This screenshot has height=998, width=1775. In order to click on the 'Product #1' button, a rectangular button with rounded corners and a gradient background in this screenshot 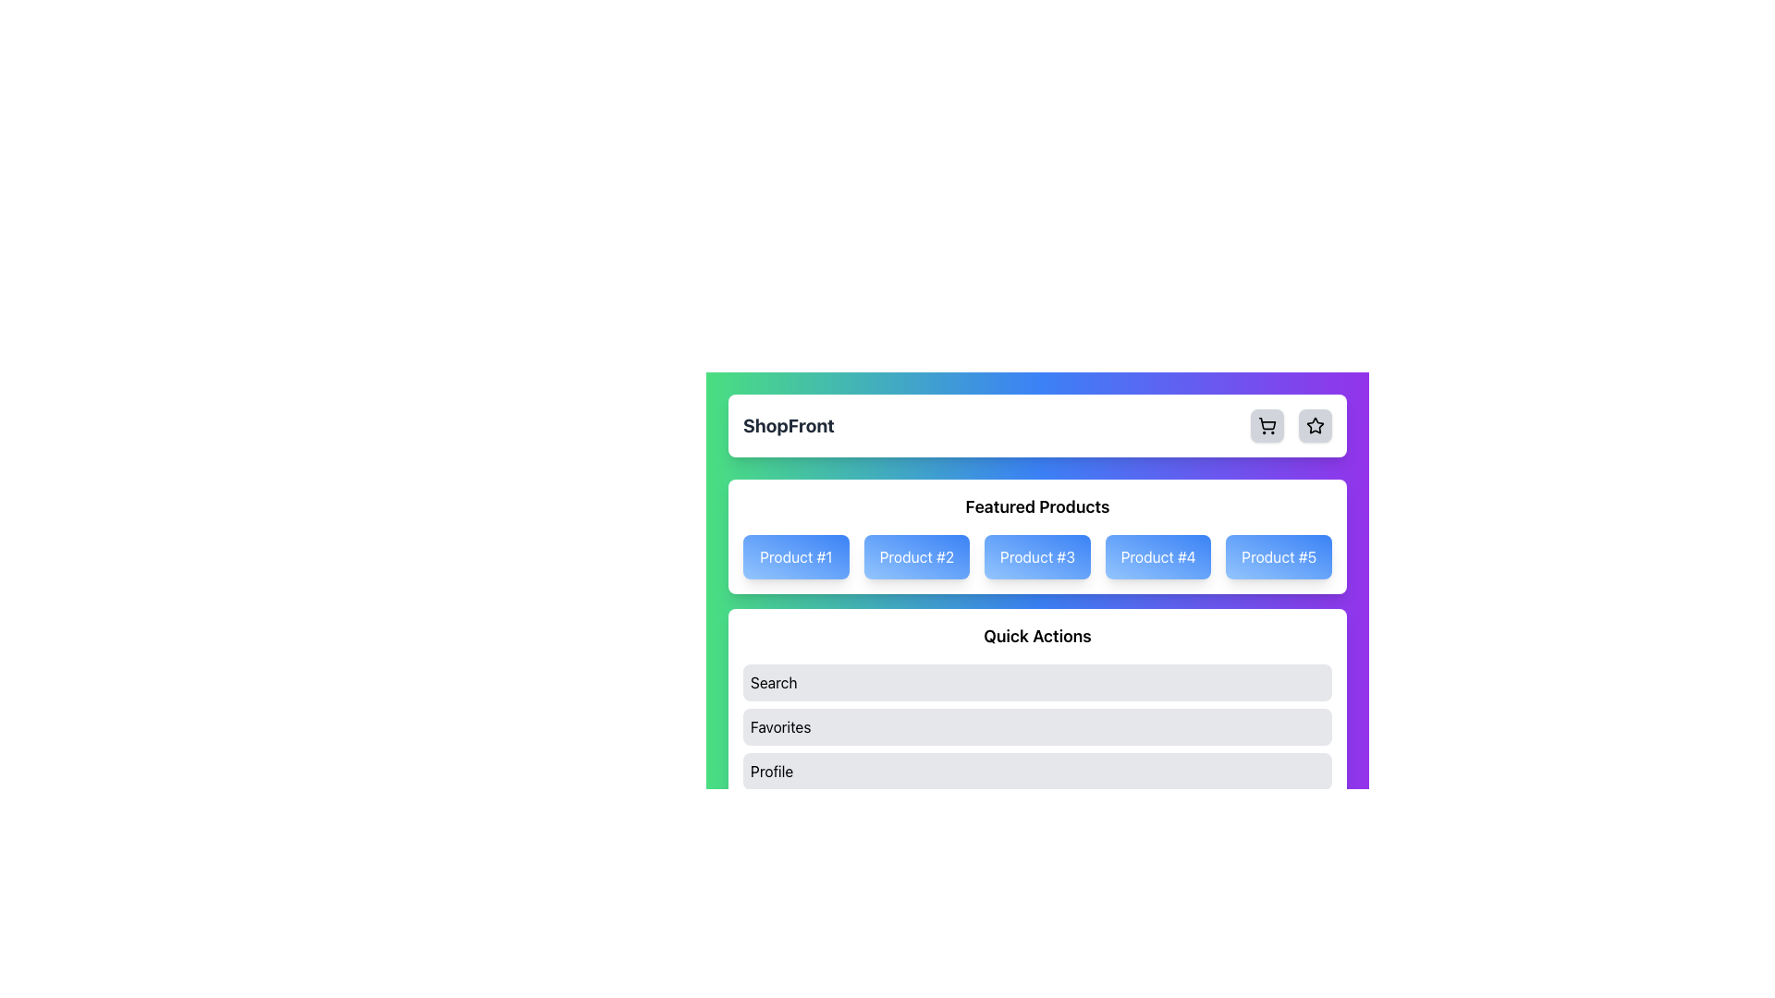, I will do `click(796, 555)`.